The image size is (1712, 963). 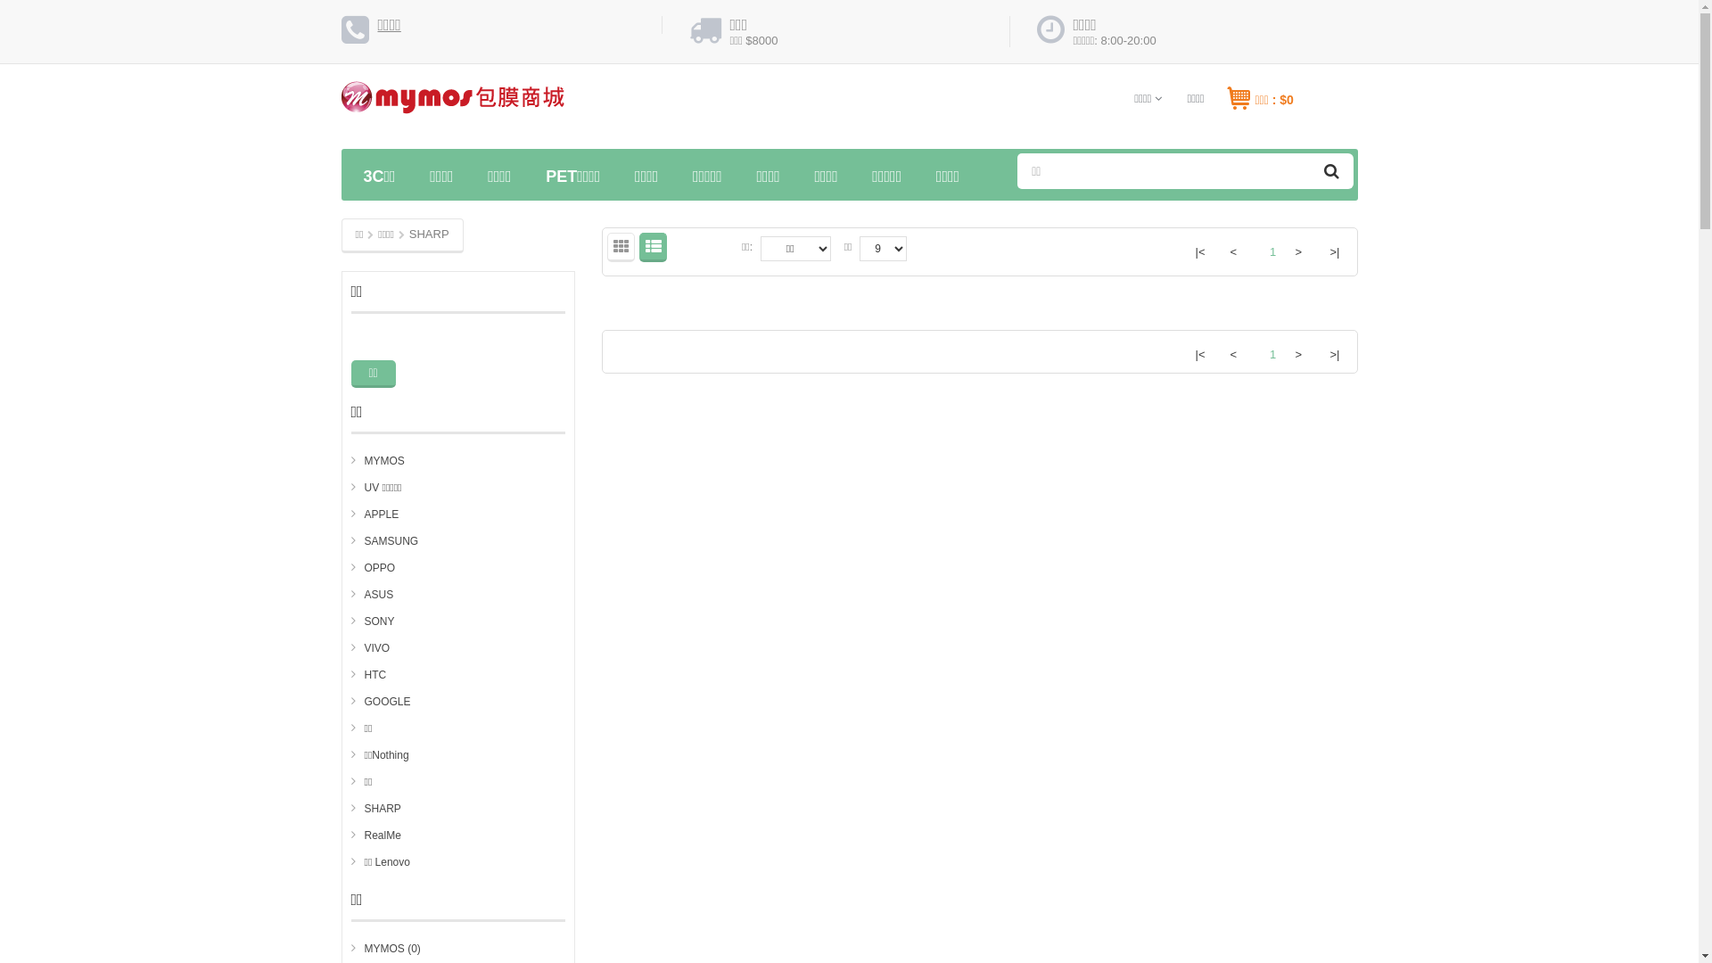 I want to click on '1', so click(x=1265, y=348).